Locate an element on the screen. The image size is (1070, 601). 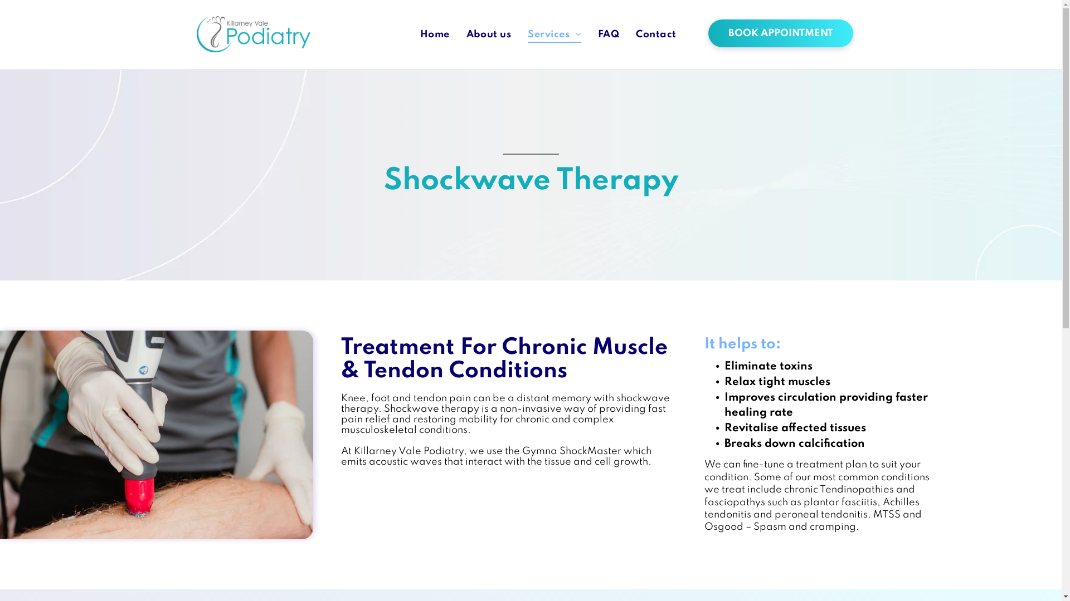
'About us' is located at coordinates (489, 34).